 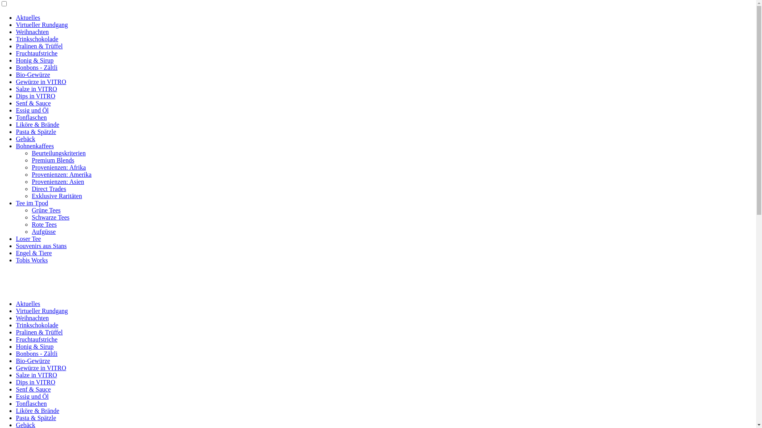 I want to click on 'Fruchtaufstriche', so click(x=36, y=339).